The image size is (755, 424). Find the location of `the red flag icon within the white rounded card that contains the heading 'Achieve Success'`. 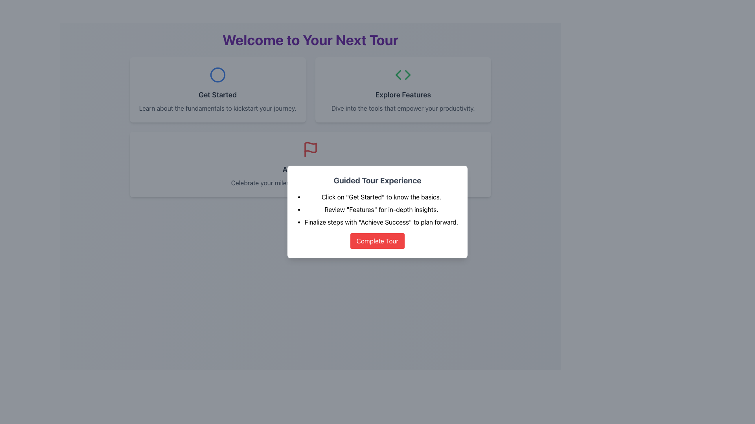

the red flag icon within the white rounded card that contains the heading 'Achieve Success' is located at coordinates (310, 150).